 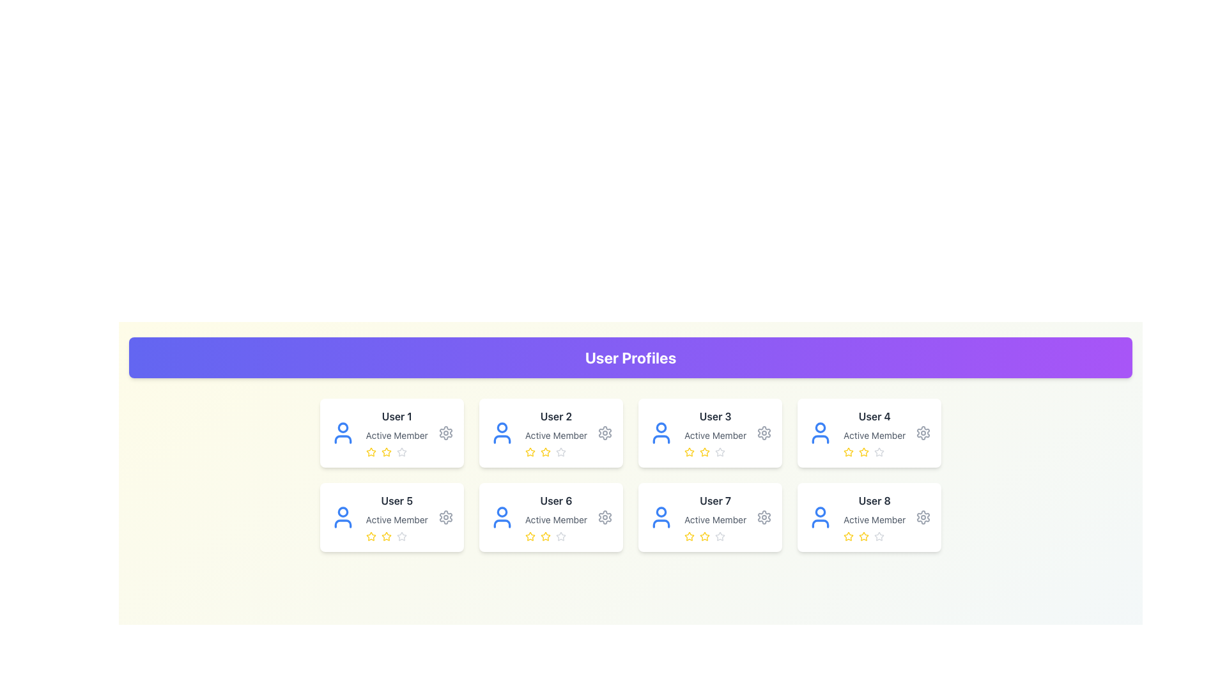 What do you see at coordinates (923, 433) in the screenshot?
I see `the settings icon located at the top-right corner of the 'User 4' profile card` at bounding box center [923, 433].